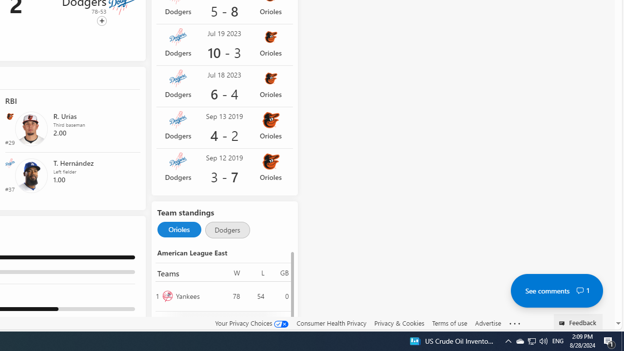 This screenshot has width=624, height=351. Describe the element at coordinates (399, 323) in the screenshot. I see `'Privacy & Cookies'` at that location.